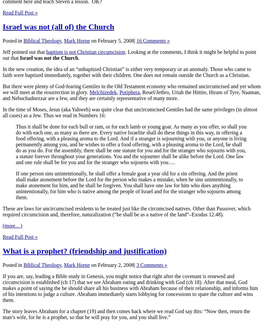  I want to click on 'These are laws for uncircumcised residents to be treated just like the circumcised natives.  Other than Passover, which required circumcision and, therefore, naturalization (“he shall be as a native of the land”–Exodus 12.48).', so click(126, 211).